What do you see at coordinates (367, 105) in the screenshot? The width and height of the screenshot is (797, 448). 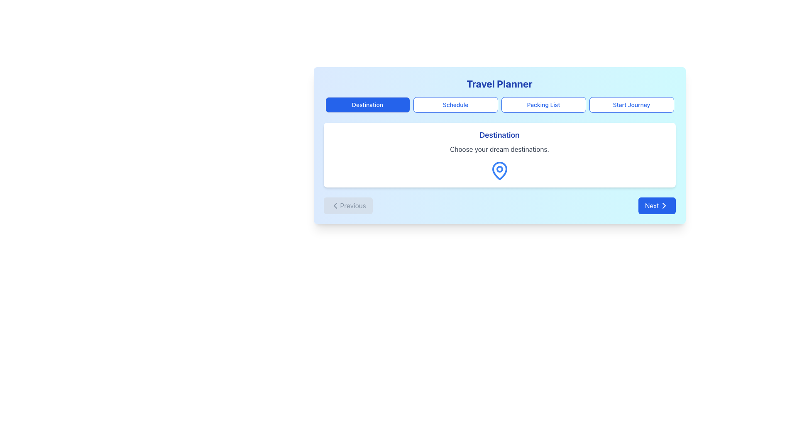 I see `the text block within the first button of the navigation bar that leads to the 'Destination' section` at bounding box center [367, 105].